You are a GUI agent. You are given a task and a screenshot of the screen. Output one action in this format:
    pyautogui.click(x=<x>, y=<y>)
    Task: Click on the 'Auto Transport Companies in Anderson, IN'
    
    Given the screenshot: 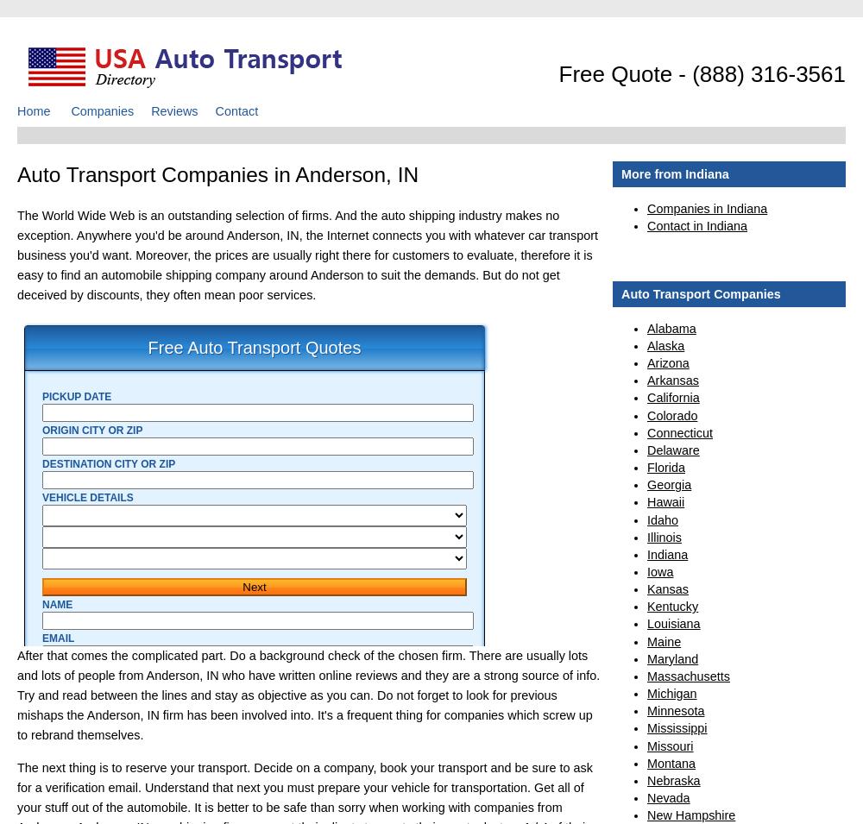 What is the action you would take?
    pyautogui.click(x=217, y=174)
    